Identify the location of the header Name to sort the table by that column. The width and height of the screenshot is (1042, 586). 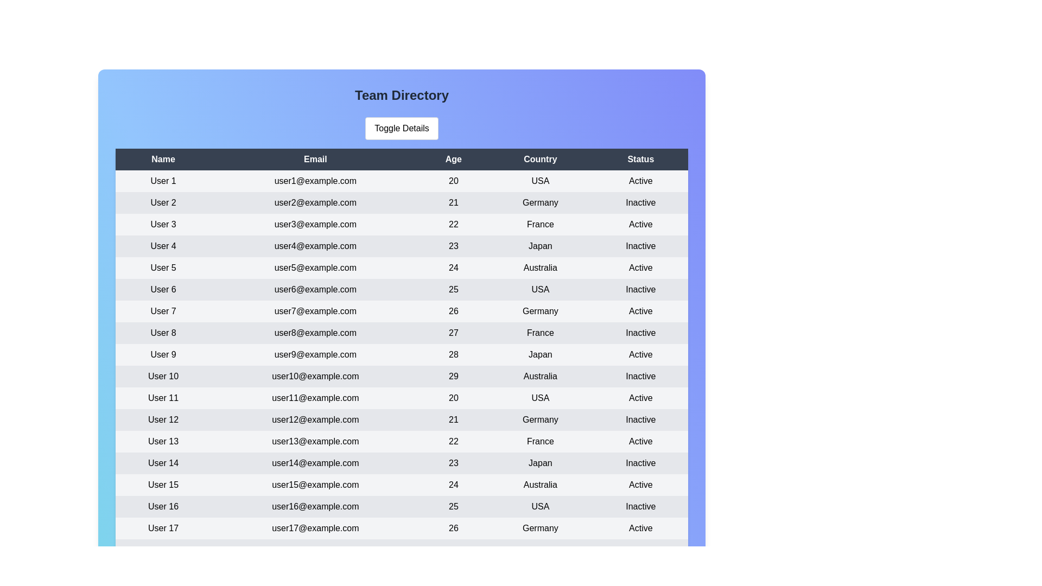
(163, 159).